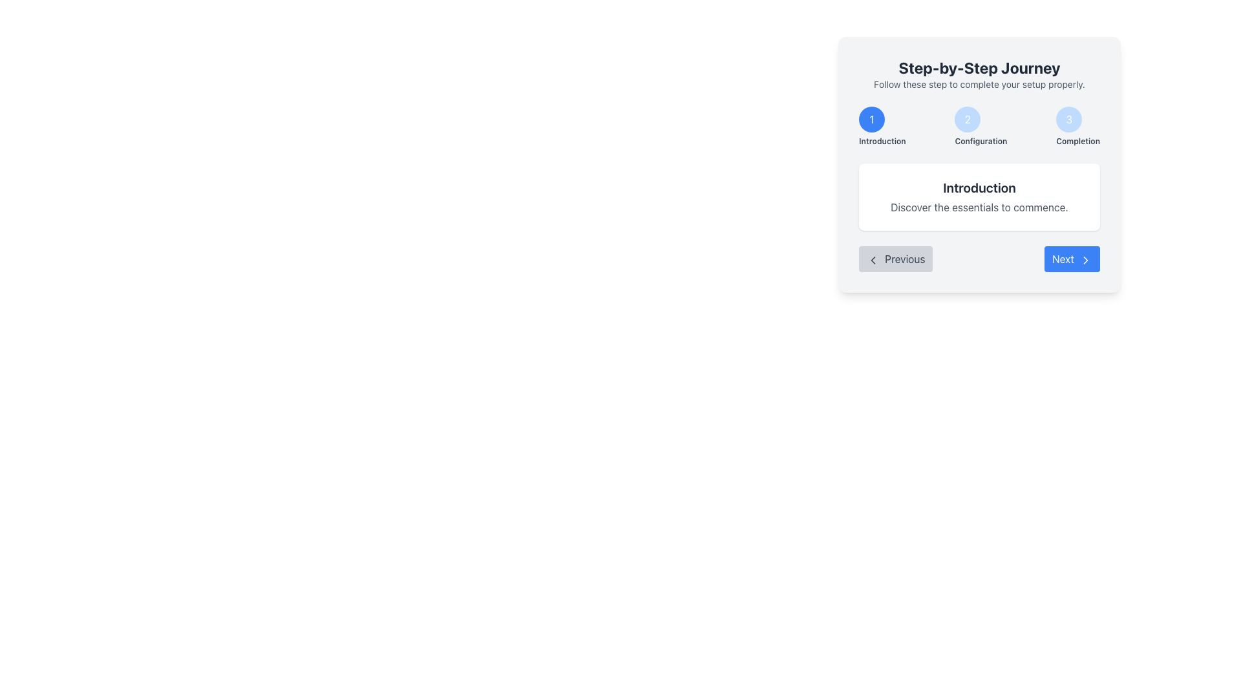 This screenshot has height=698, width=1241. What do you see at coordinates (1069, 120) in the screenshot?
I see `the 'Completion' button, which is the third circular button in the step-by-step guide interface located at the top-right section of the 'Step-by-Step Journey' modal dialog` at bounding box center [1069, 120].